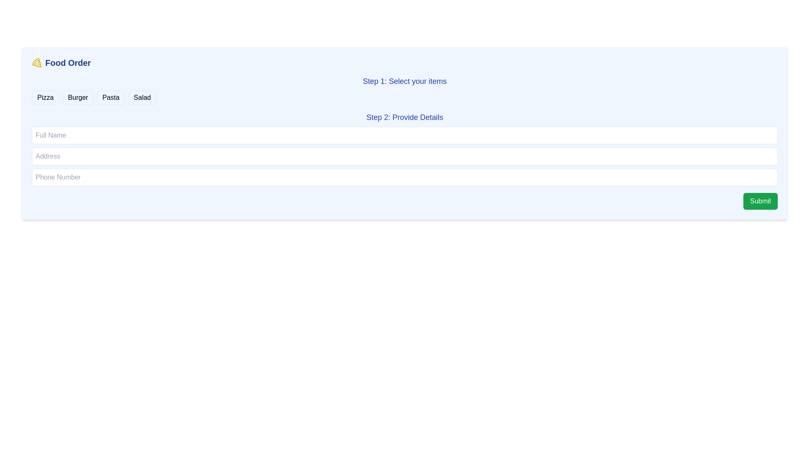 The width and height of the screenshot is (805, 453). What do you see at coordinates (78, 97) in the screenshot?
I see `the 'Burger' button` at bounding box center [78, 97].